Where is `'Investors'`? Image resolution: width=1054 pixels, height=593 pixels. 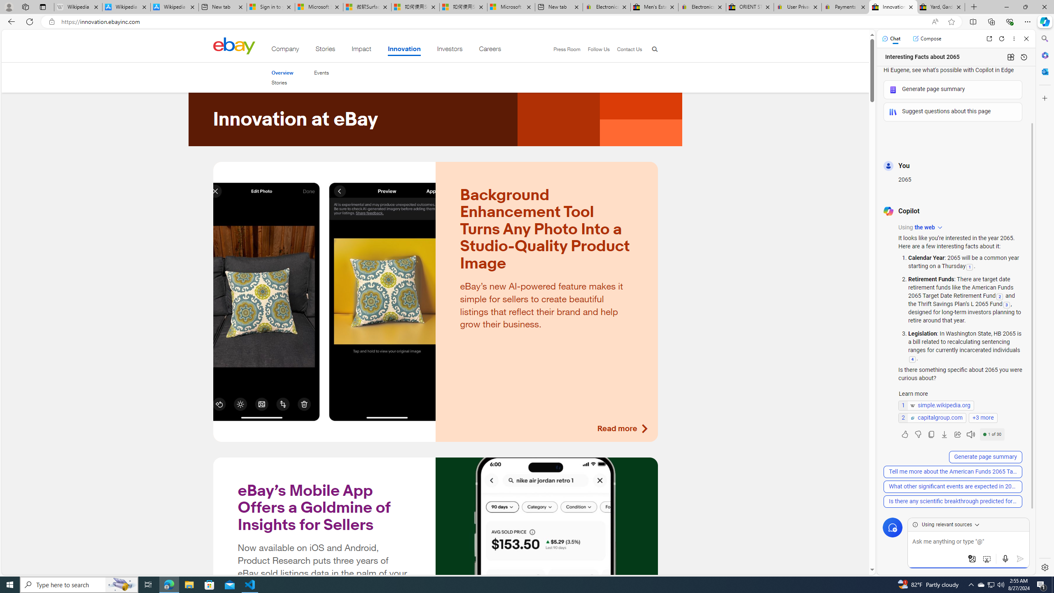 'Investors' is located at coordinates (449, 50).